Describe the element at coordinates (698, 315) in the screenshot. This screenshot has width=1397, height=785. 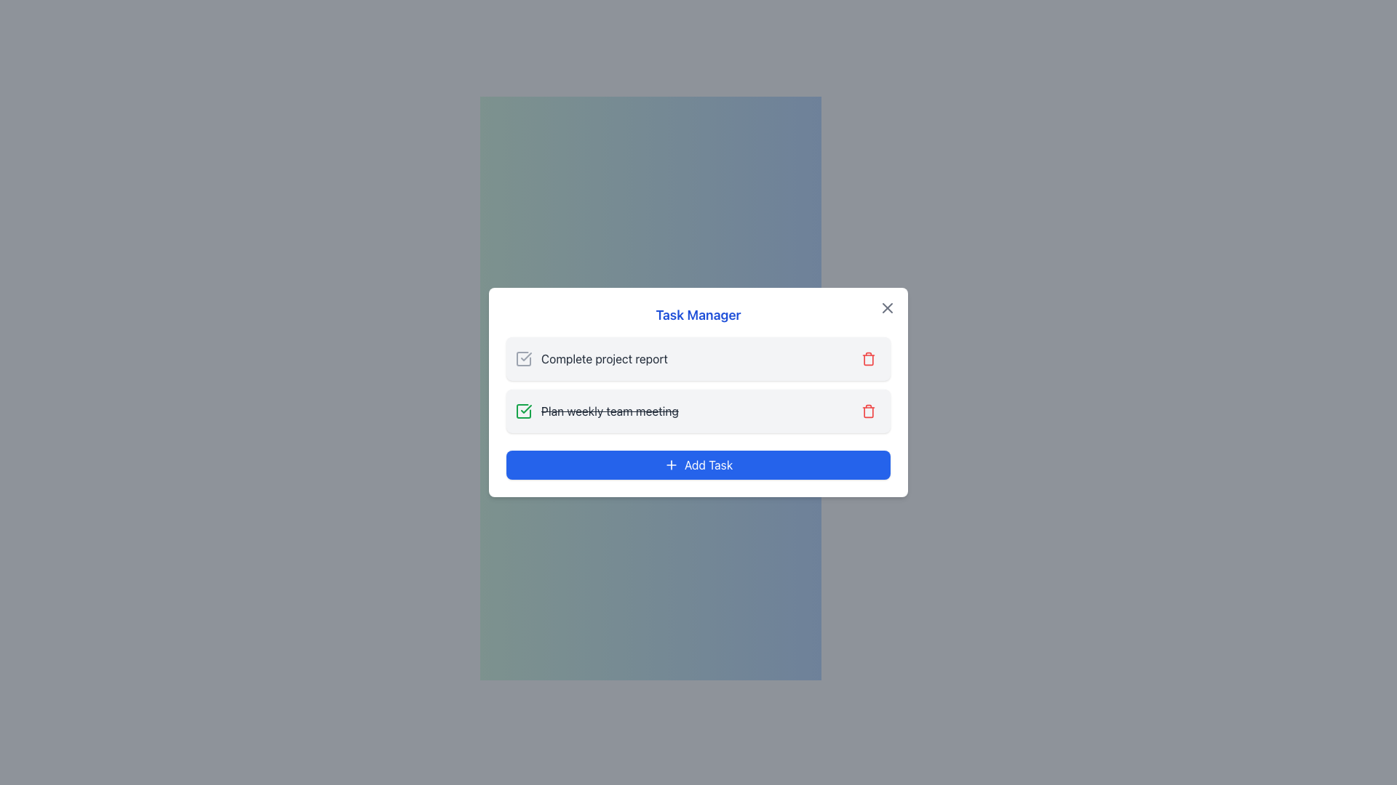
I see `text content of the title label in the task management modal dialog, which is located at the top center of the white modal dialog box` at that location.